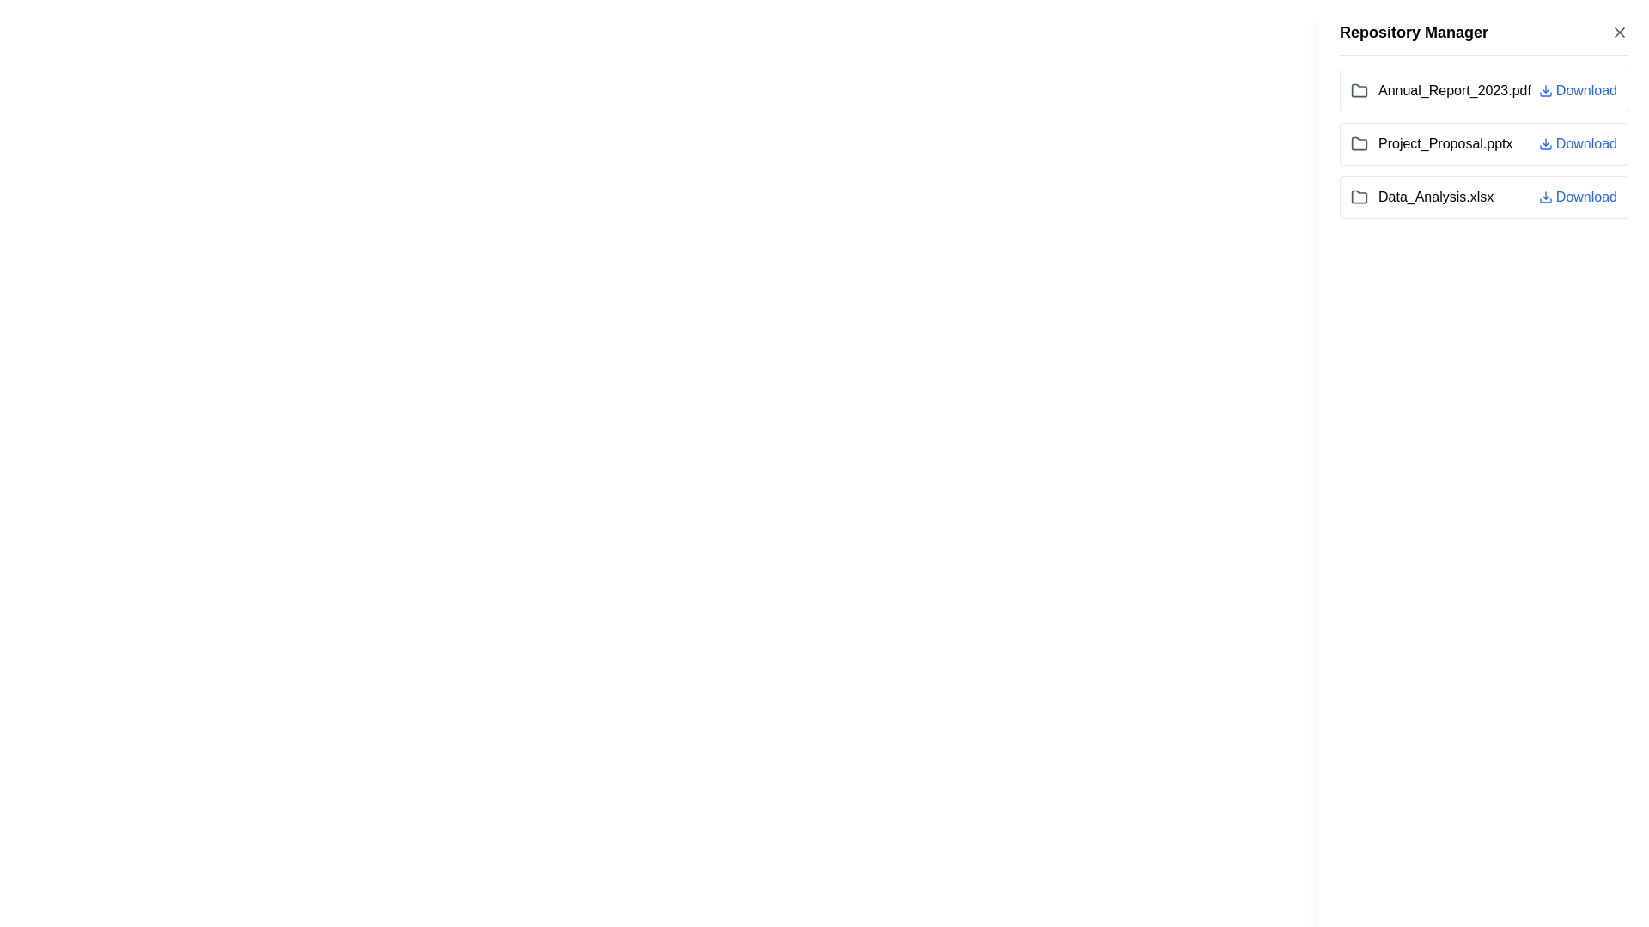 The width and height of the screenshot is (1649, 927). Describe the element at coordinates (1545, 90) in the screenshot. I see `the blue downward-facing arrow SVG icon representing the download action, which is located to the left of the 'Download' text for the file 'Annual_Report_2023.pdf'` at that location.